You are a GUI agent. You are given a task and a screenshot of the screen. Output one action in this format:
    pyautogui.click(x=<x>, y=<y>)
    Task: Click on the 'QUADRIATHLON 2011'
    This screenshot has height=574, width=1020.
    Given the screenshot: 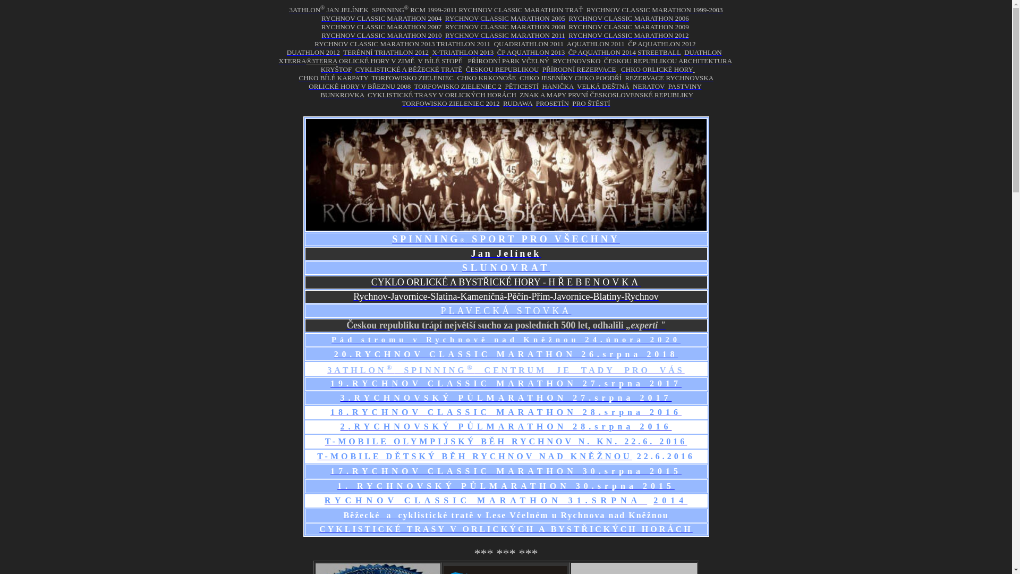 What is the action you would take?
    pyautogui.click(x=529, y=43)
    